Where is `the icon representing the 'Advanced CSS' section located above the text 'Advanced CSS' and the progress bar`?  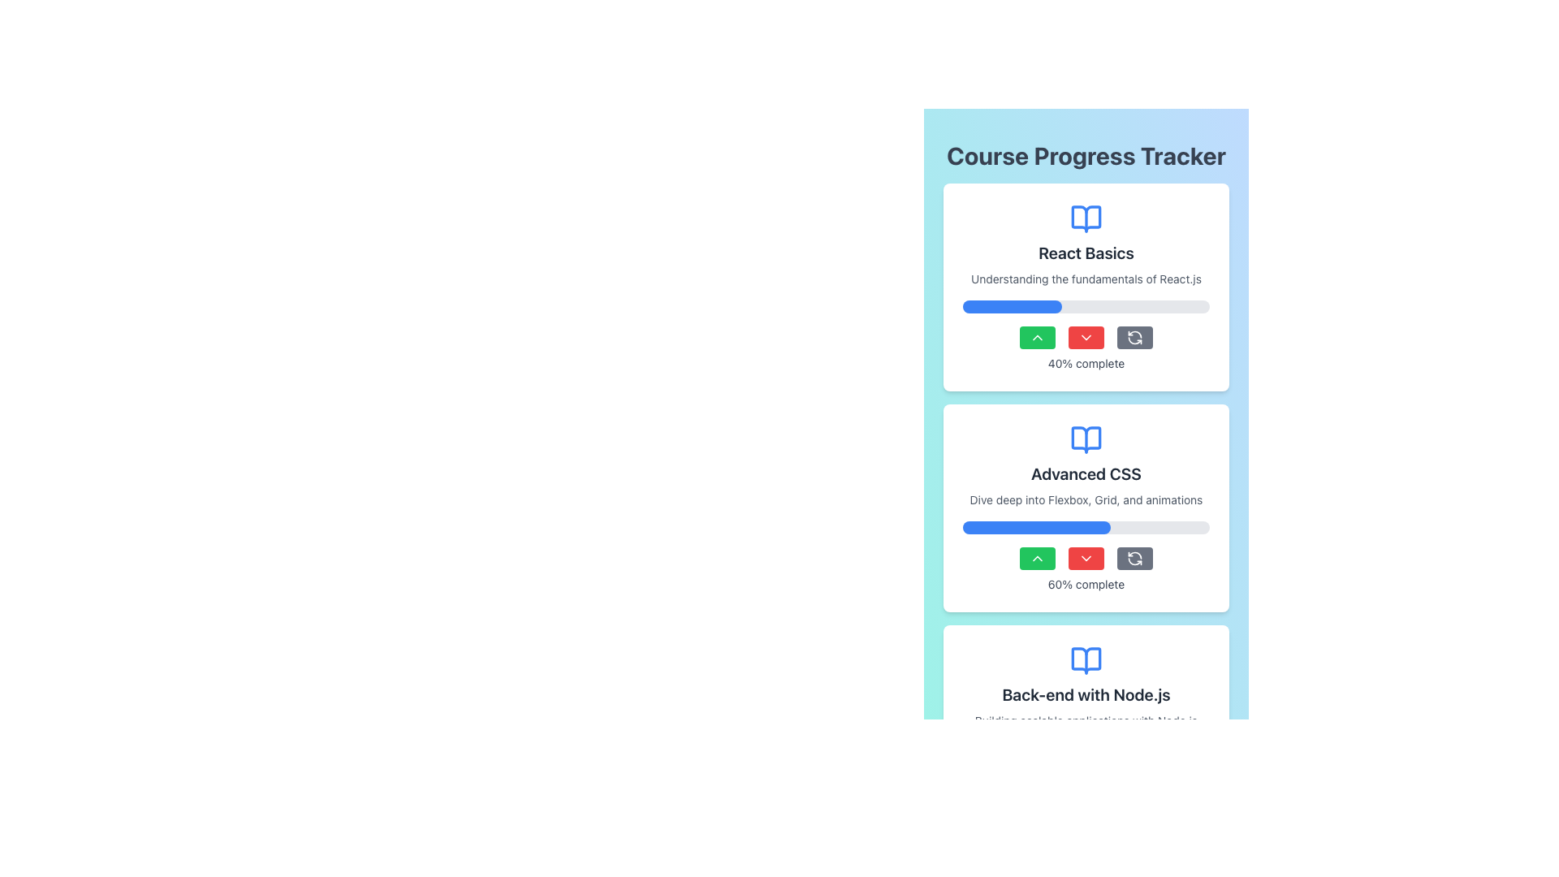 the icon representing the 'Advanced CSS' section located above the text 'Advanced CSS' and the progress bar is located at coordinates (1086, 440).